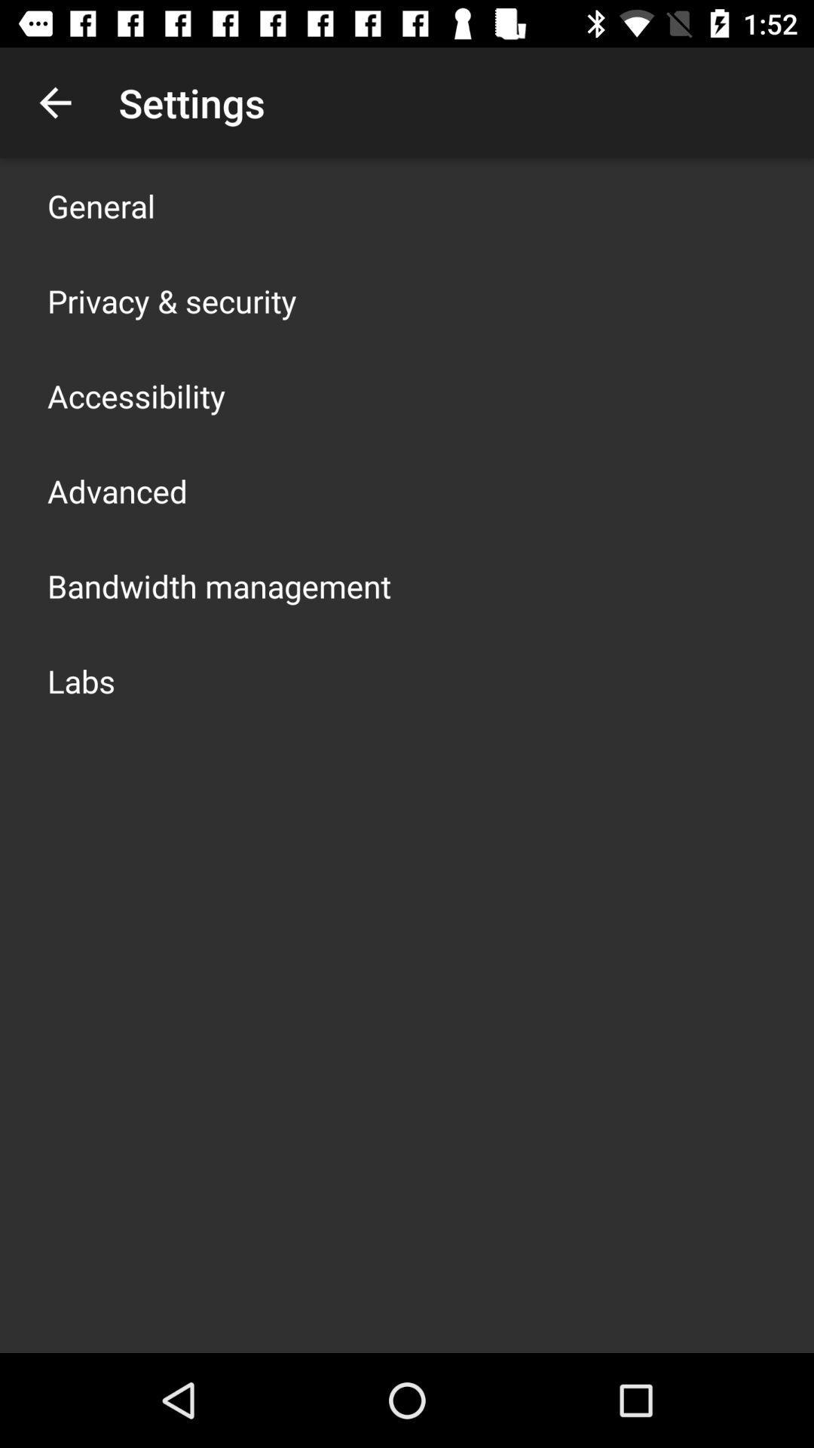 This screenshot has width=814, height=1448. What do you see at coordinates (219, 585) in the screenshot?
I see `the bandwidth management` at bounding box center [219, 585].